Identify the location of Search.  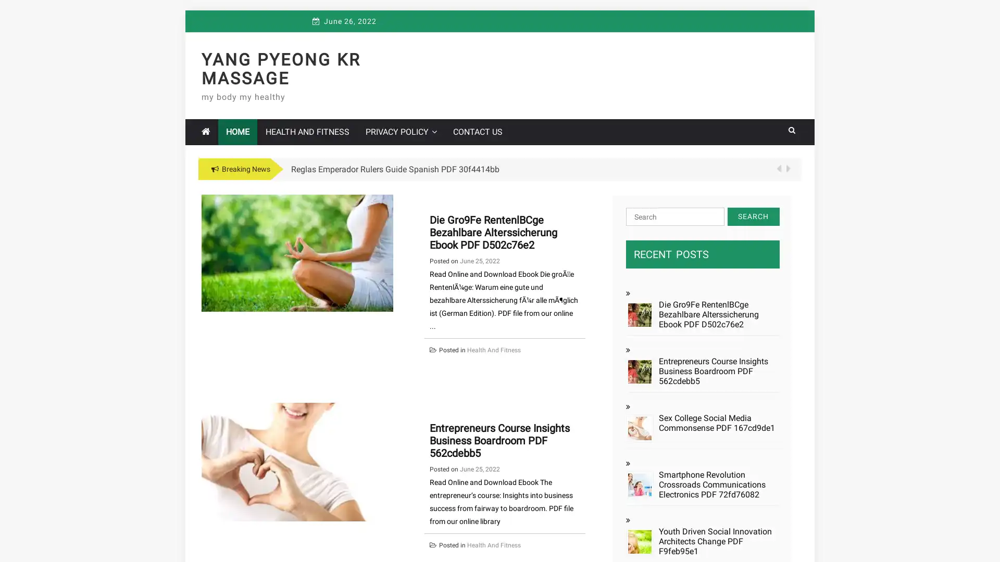
(753, 216).